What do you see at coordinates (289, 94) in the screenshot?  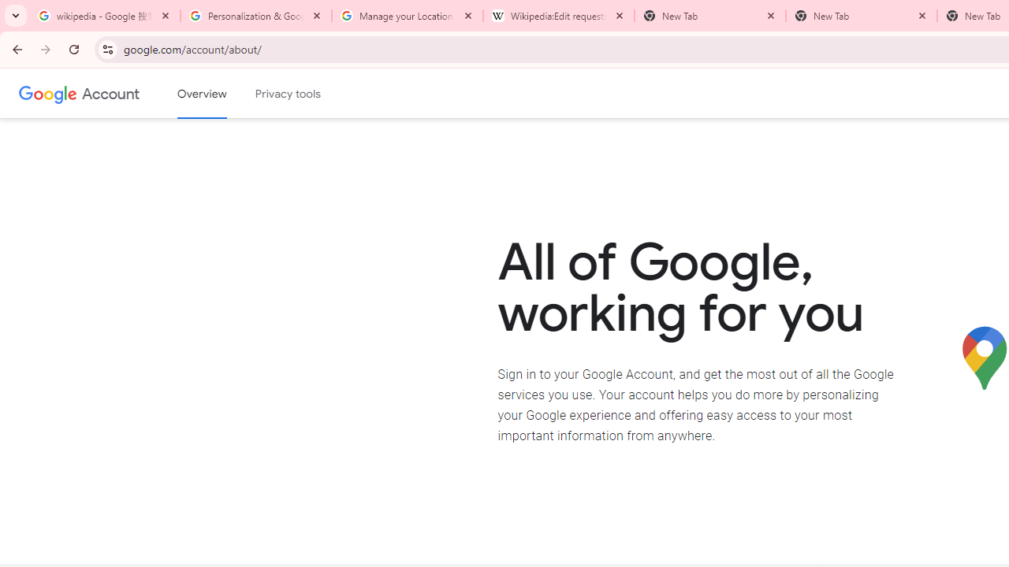 I see `'Privacy tools'` at bounding box center [289, 94].